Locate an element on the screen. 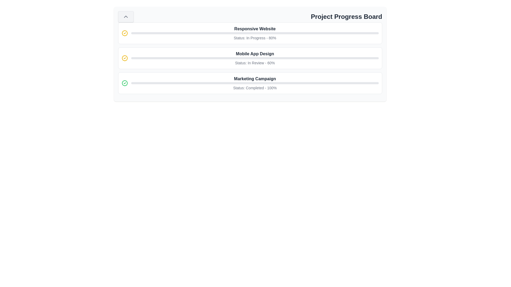 The width and height of the screenshot is (511, 287). the status icon indicating 'In Review' for the 'Mobile App Design' project, which is the second element in a vertical list structure is located at coordinates (125, 58).